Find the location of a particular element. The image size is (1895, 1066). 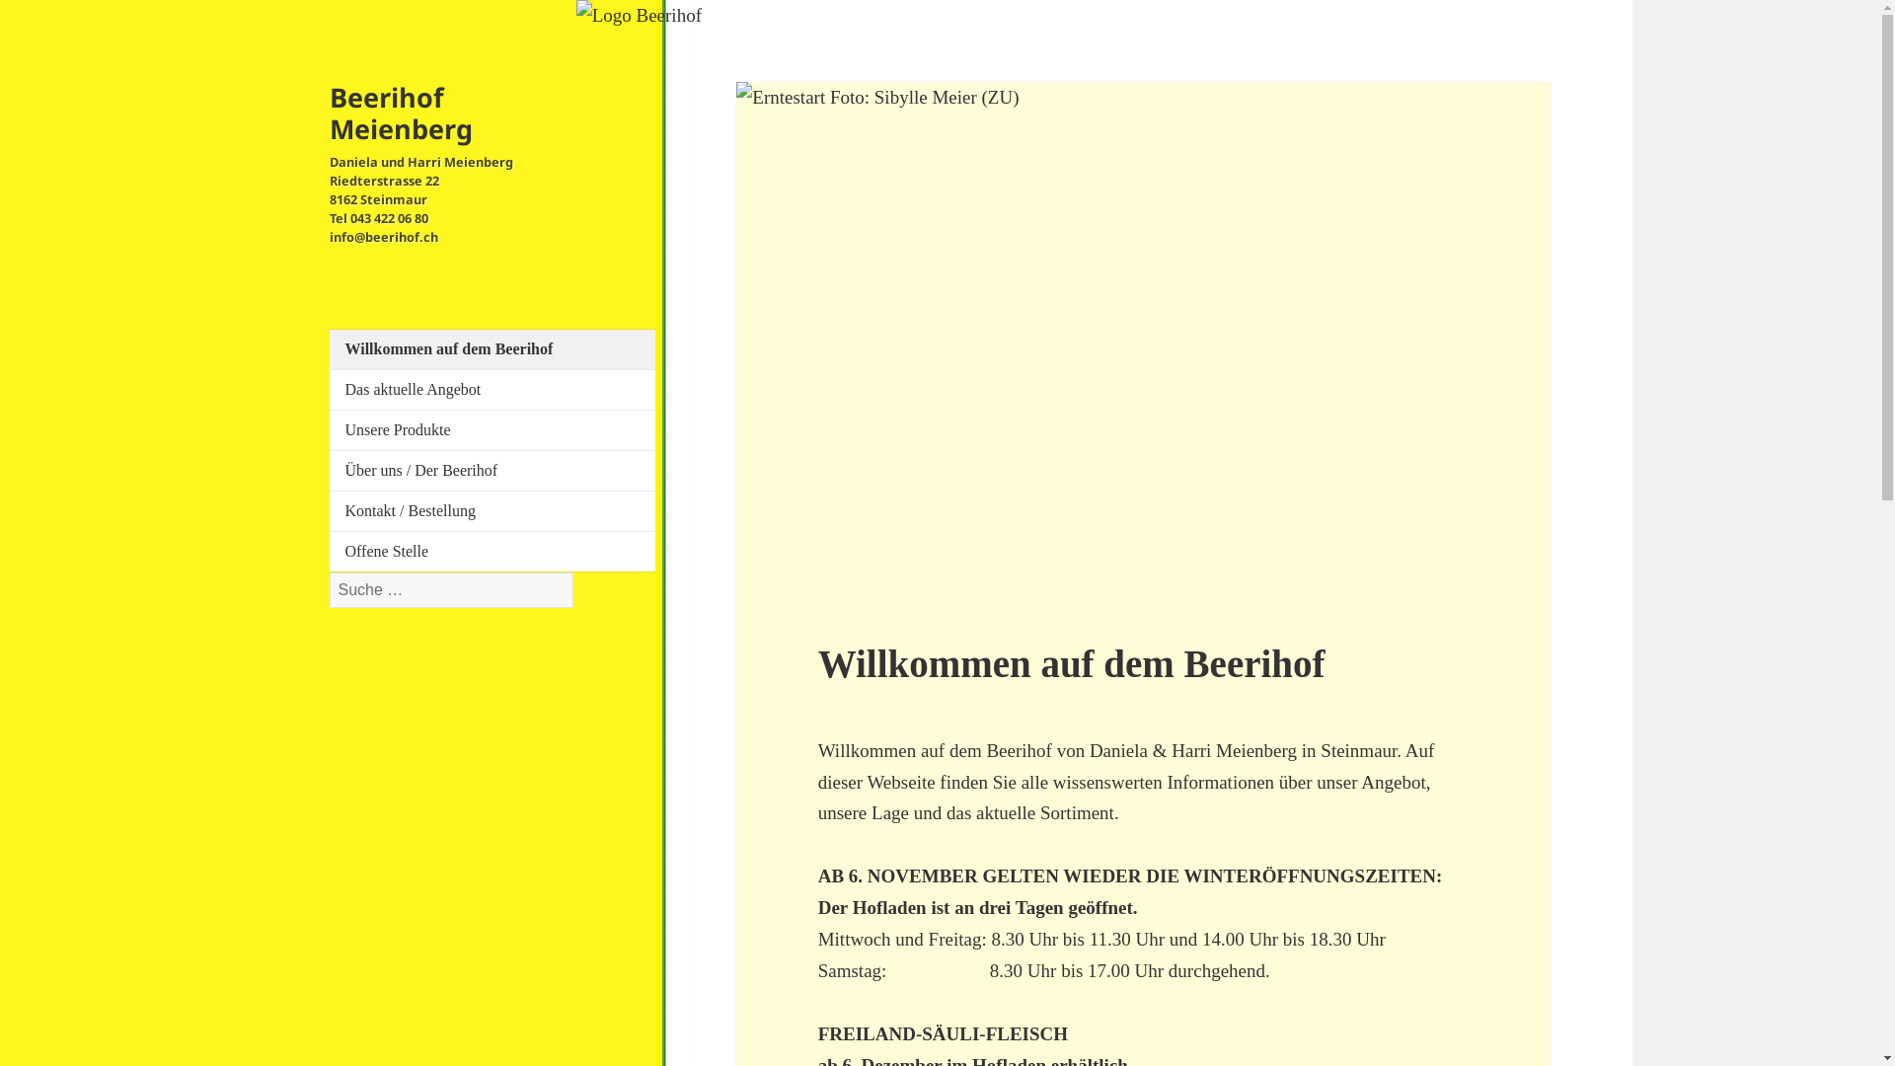

'Das aktuelle Angebot' is located at coordinates (500, 389).